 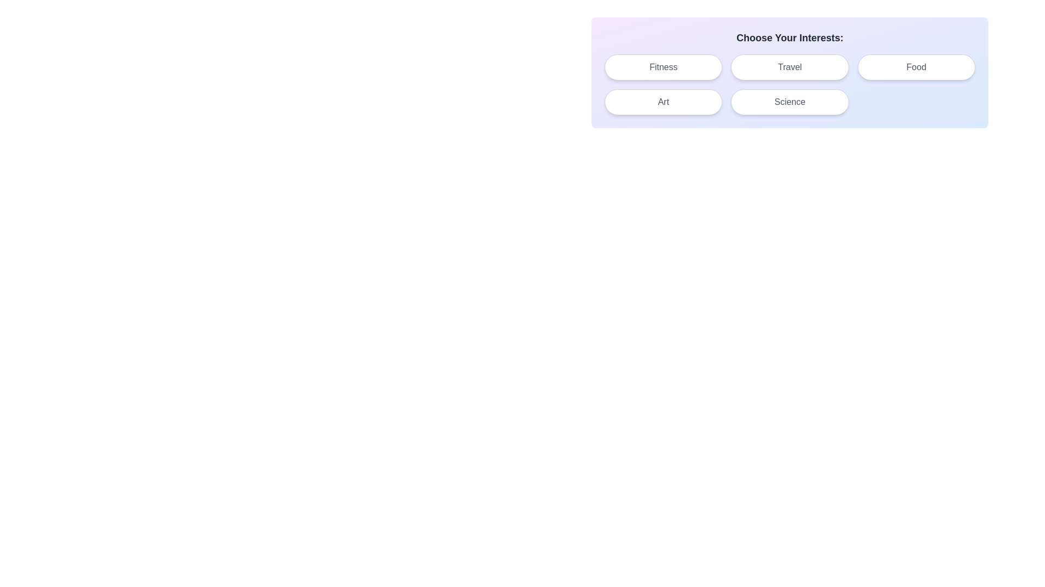 What do you see at coordinates (790, 67) in the screenshot?
I see `the chip labeled Travel to observe the hover effect` at bounding box center [790, 67].